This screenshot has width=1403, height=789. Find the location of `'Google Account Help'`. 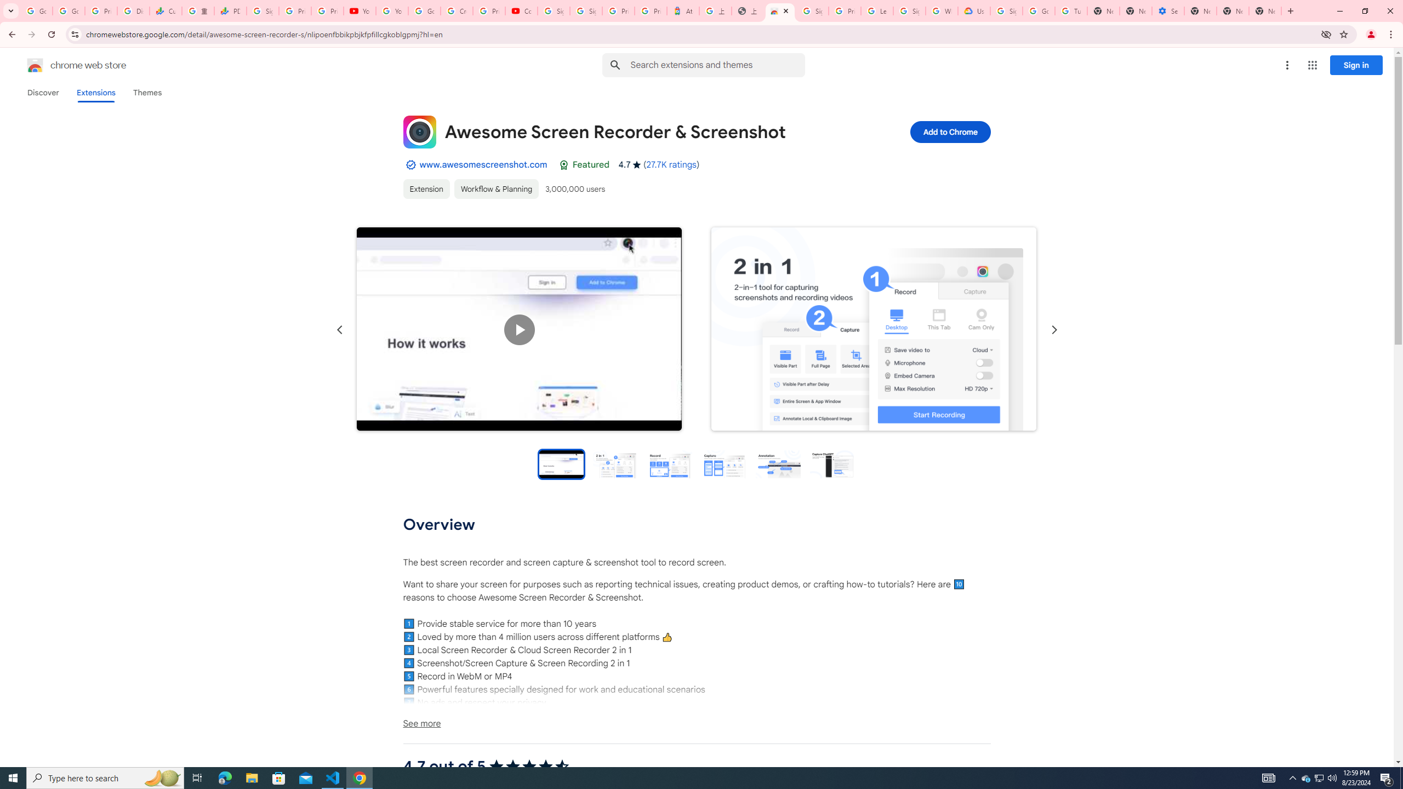

'Google Account Help' is located at coordinates (1037, 10).